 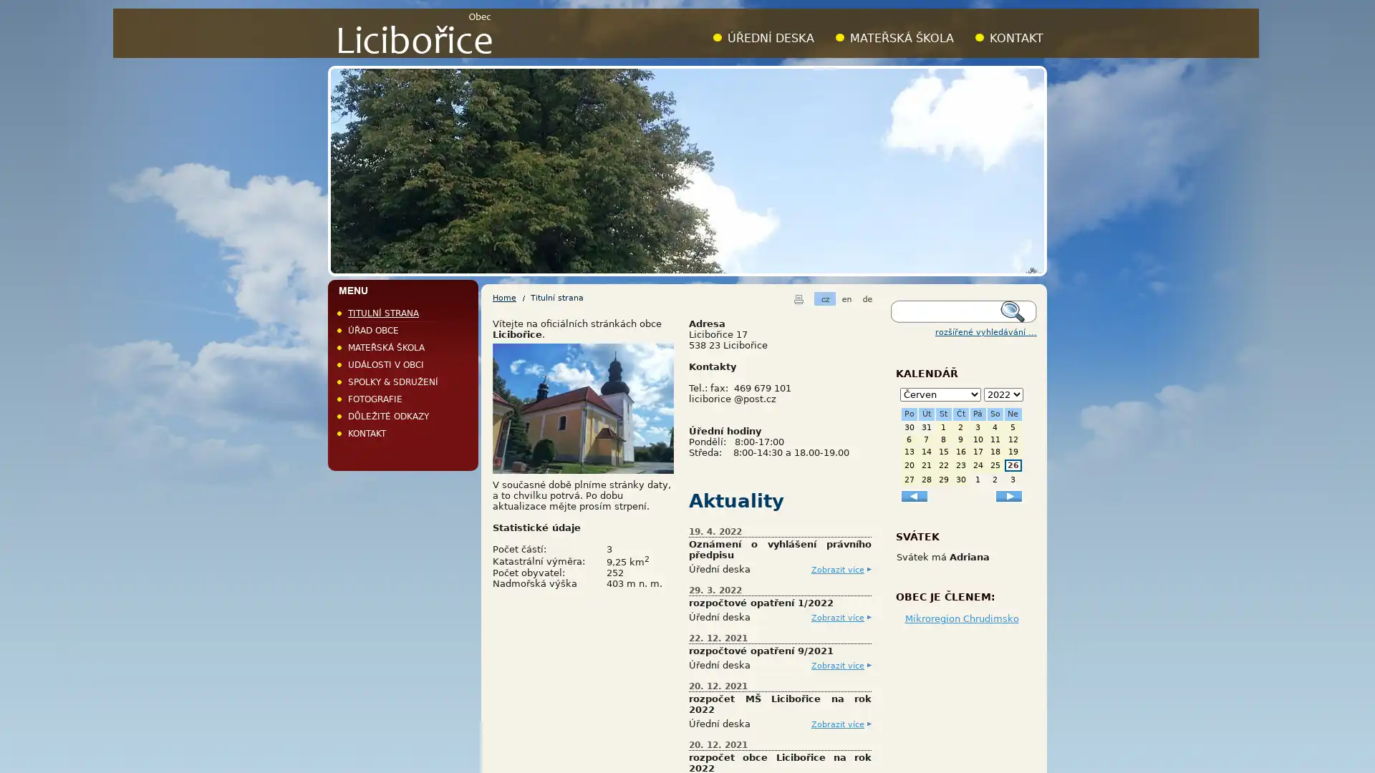 I want to click on dalsi, so click(x=1008, y=495).